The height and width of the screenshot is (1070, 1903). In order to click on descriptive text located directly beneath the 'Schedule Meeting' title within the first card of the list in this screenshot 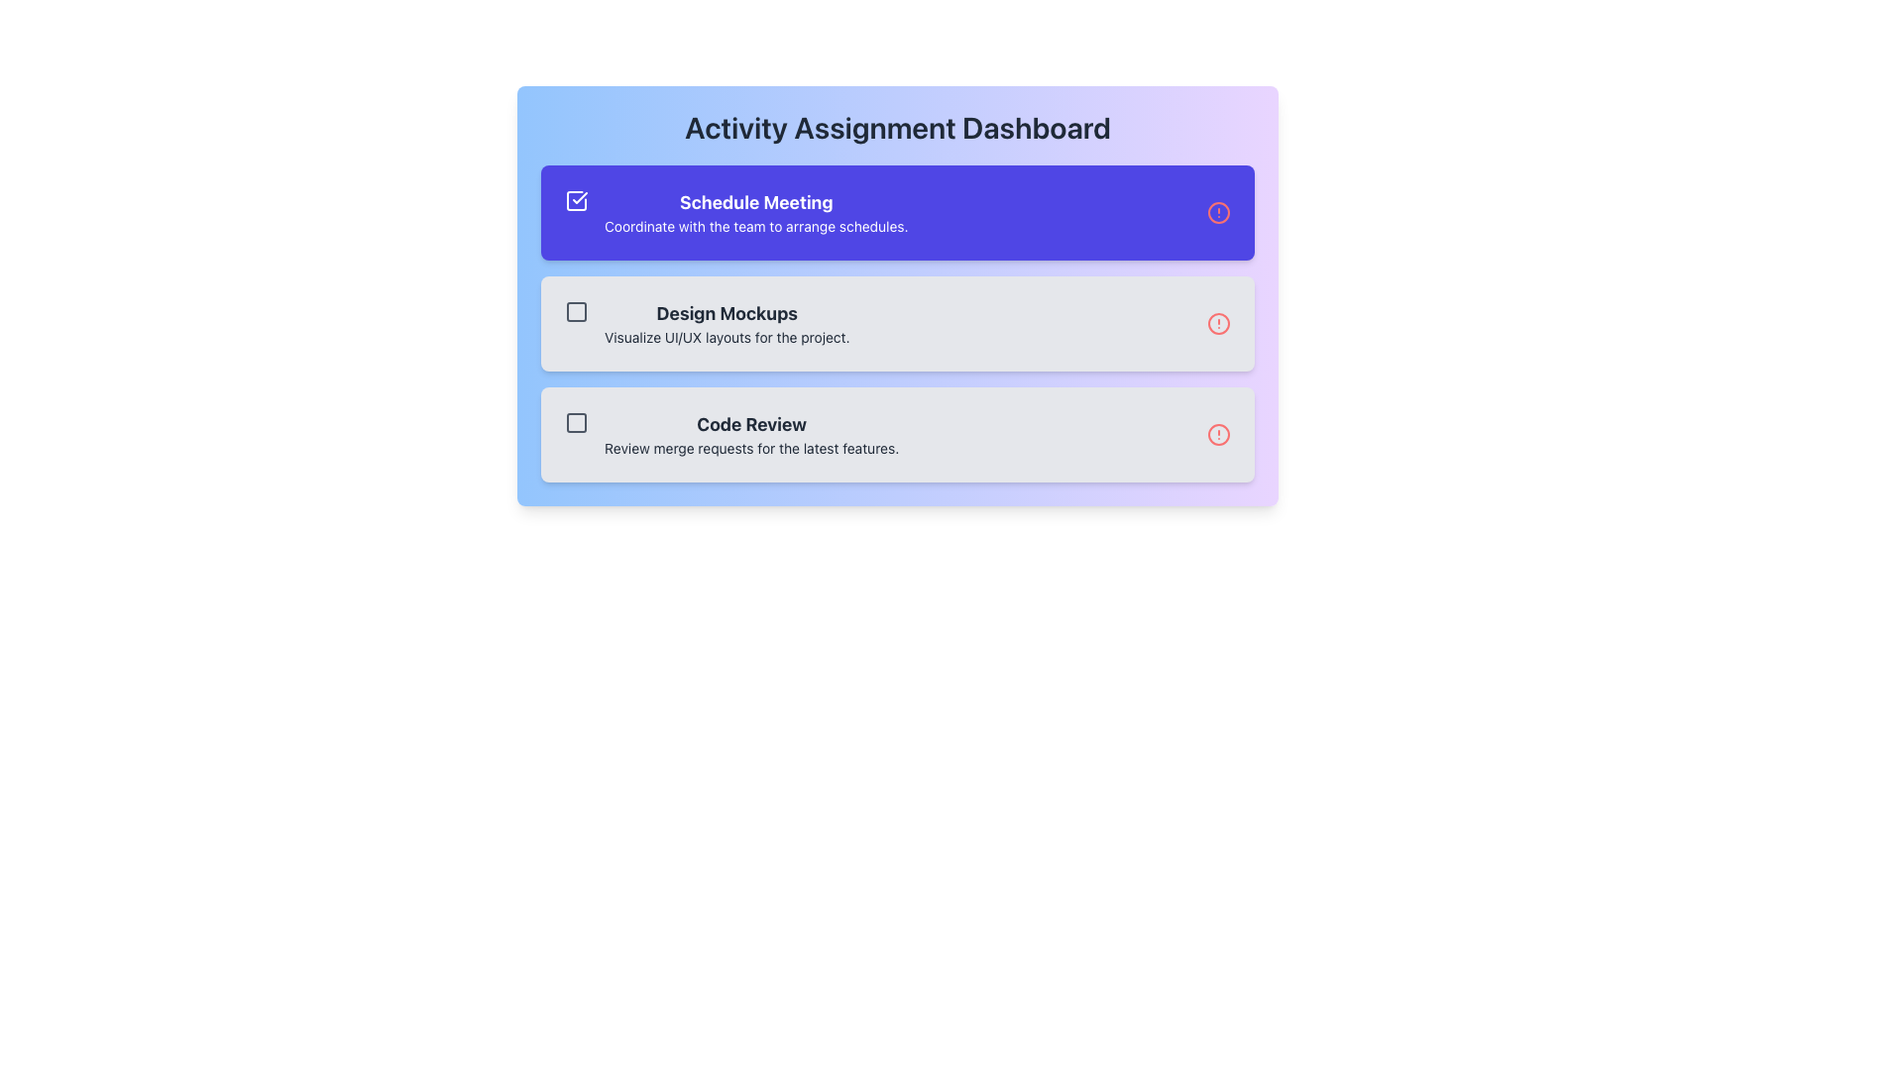, I will do `click(755, 225)`.